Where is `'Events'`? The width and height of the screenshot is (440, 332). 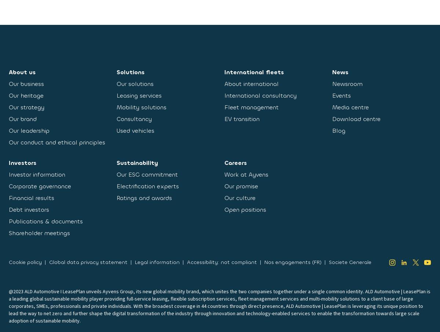 'Events' is located at coordinates (341, 95).